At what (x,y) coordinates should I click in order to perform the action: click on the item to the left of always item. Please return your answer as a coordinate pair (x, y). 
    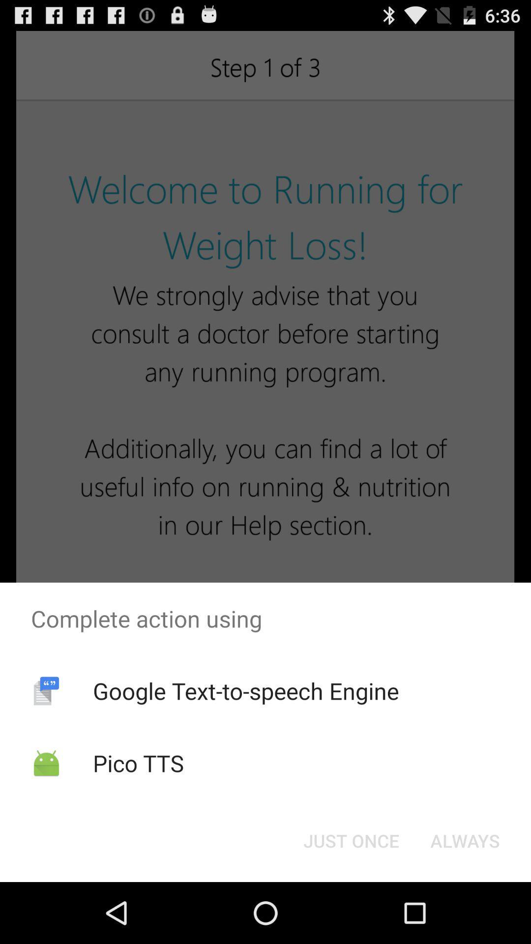
    Looking at the image, I should click on (351, 840).